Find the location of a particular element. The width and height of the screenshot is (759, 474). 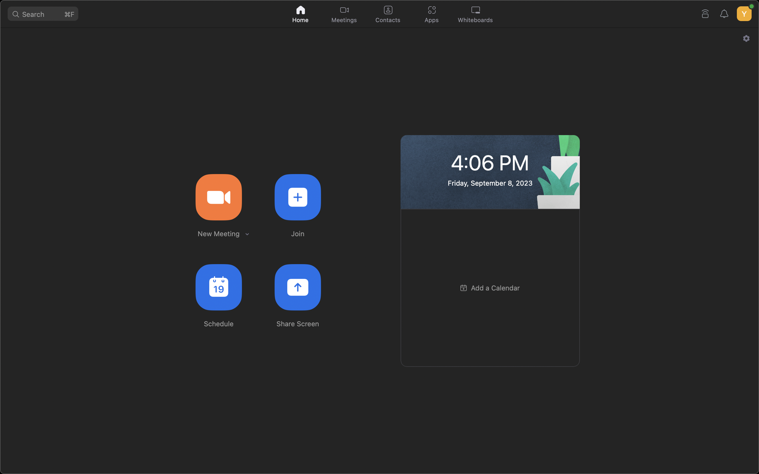

On the top panel, find and click on the contacts symbol is located at coordinates (387, 13).